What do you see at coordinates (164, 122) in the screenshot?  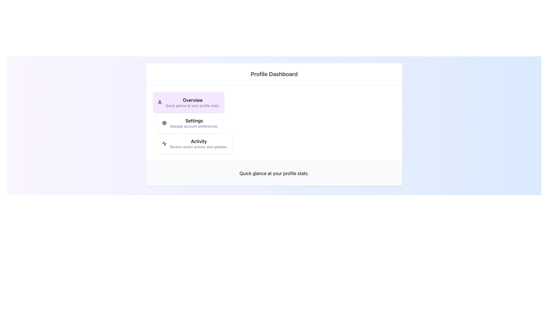 I see `the settings icon located next` at bounding box center [164, 122].